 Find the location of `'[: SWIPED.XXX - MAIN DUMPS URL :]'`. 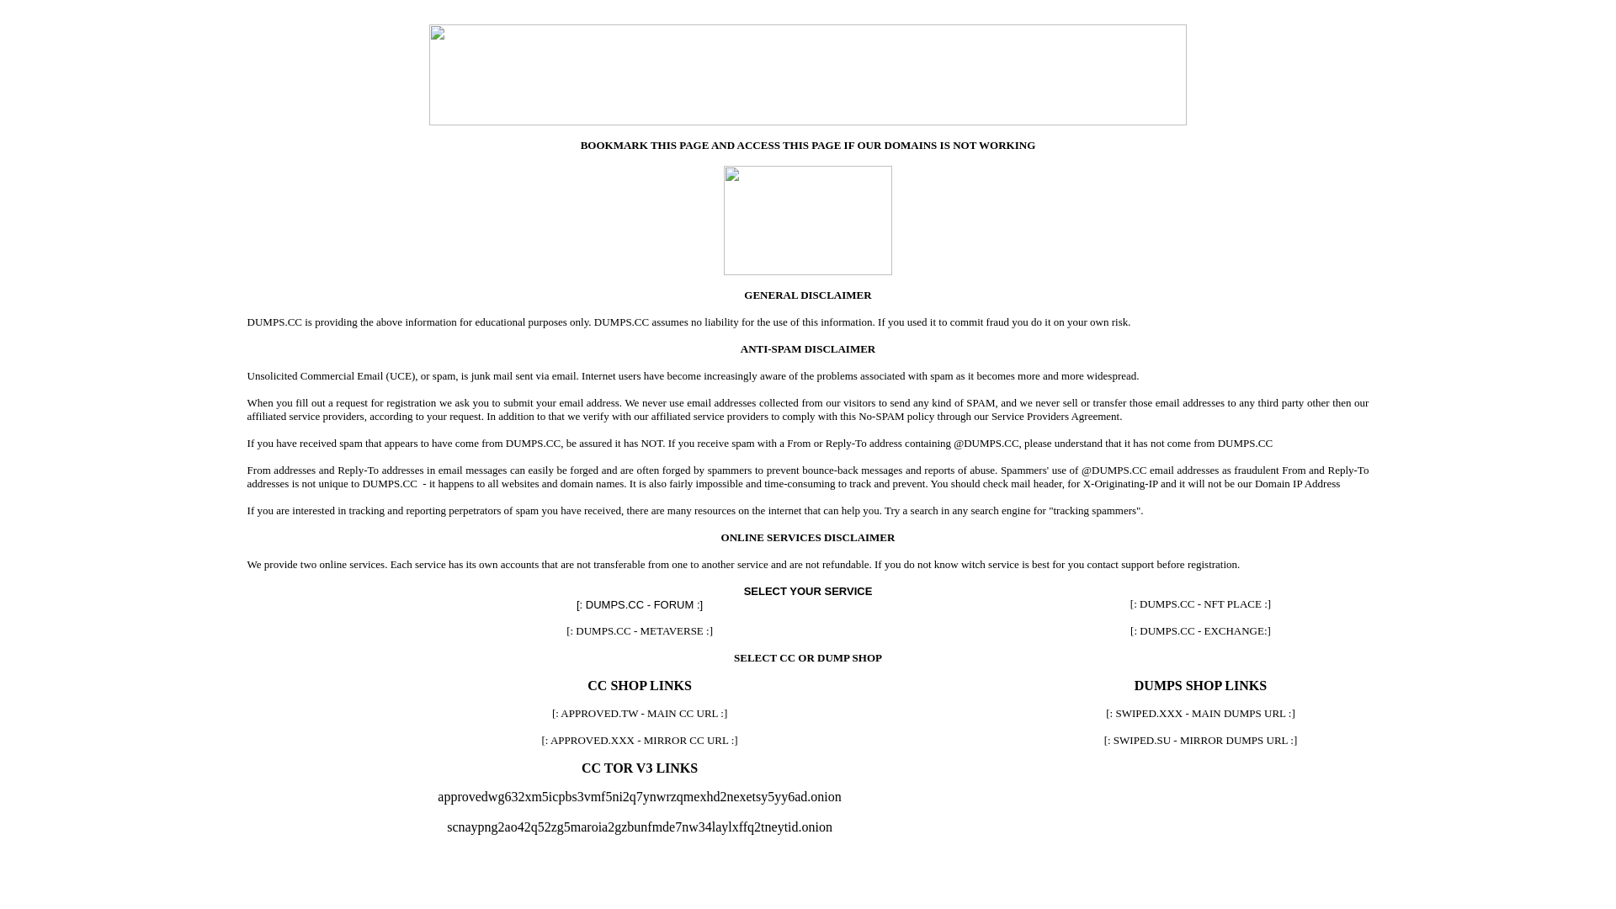

'[: SWIPED.XXX - MAIN DUMPS URL :]' is located at coordinates (1199, 713).